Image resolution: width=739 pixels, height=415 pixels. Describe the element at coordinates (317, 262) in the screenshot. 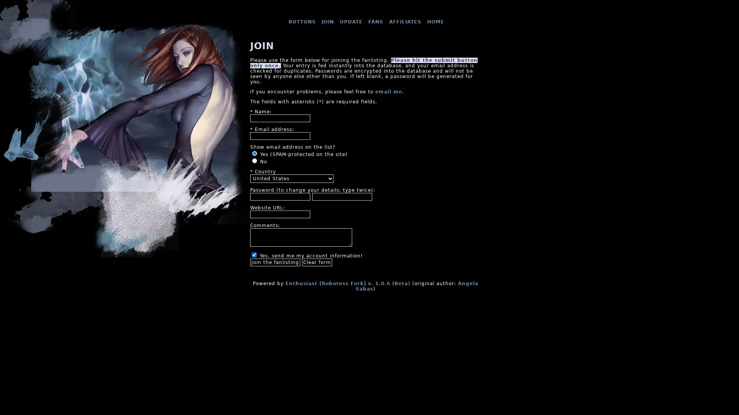

I see `Clear form` at that location.